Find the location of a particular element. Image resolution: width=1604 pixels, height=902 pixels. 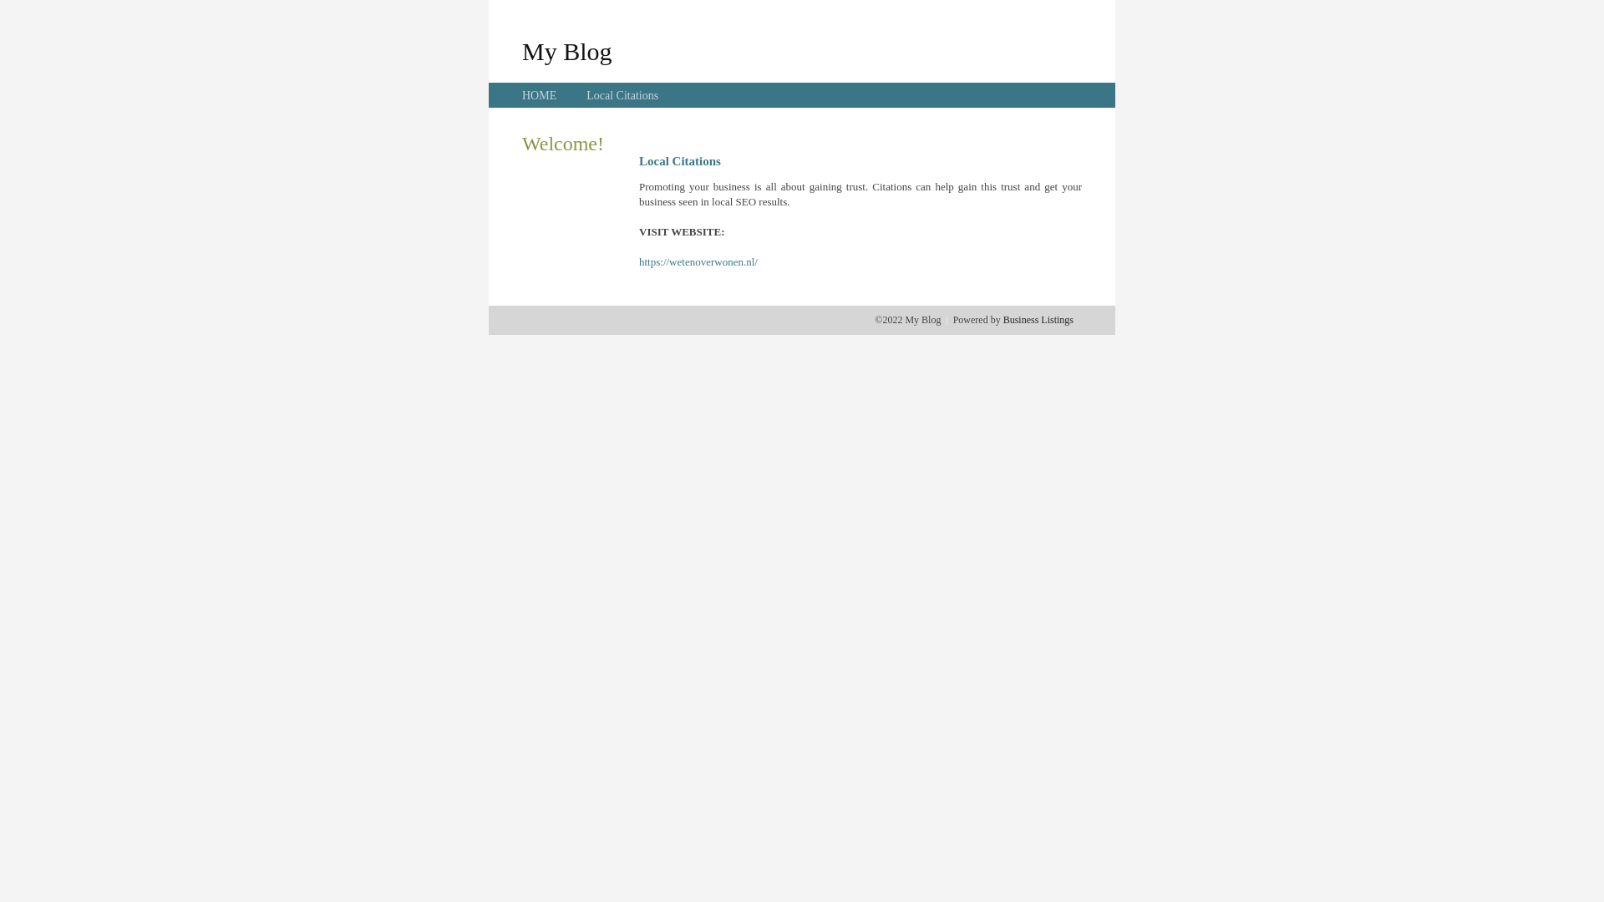

'https://wetenoverwonen.nl/' is located at coordinates (698, 261).